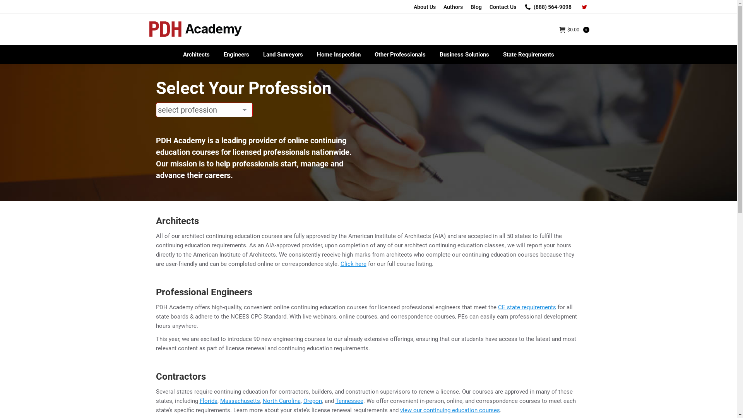 Image resolution: width=743 pixels, height=418 pixels. Describe the element at coordinates (312, 401) in the screenshot. I see `'Oregon'` at that location.